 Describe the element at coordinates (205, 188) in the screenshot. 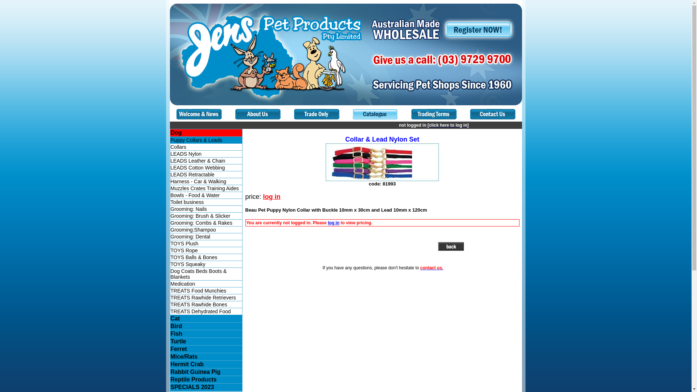

I see `'Muzzles Crates Training Aides'` at that location.